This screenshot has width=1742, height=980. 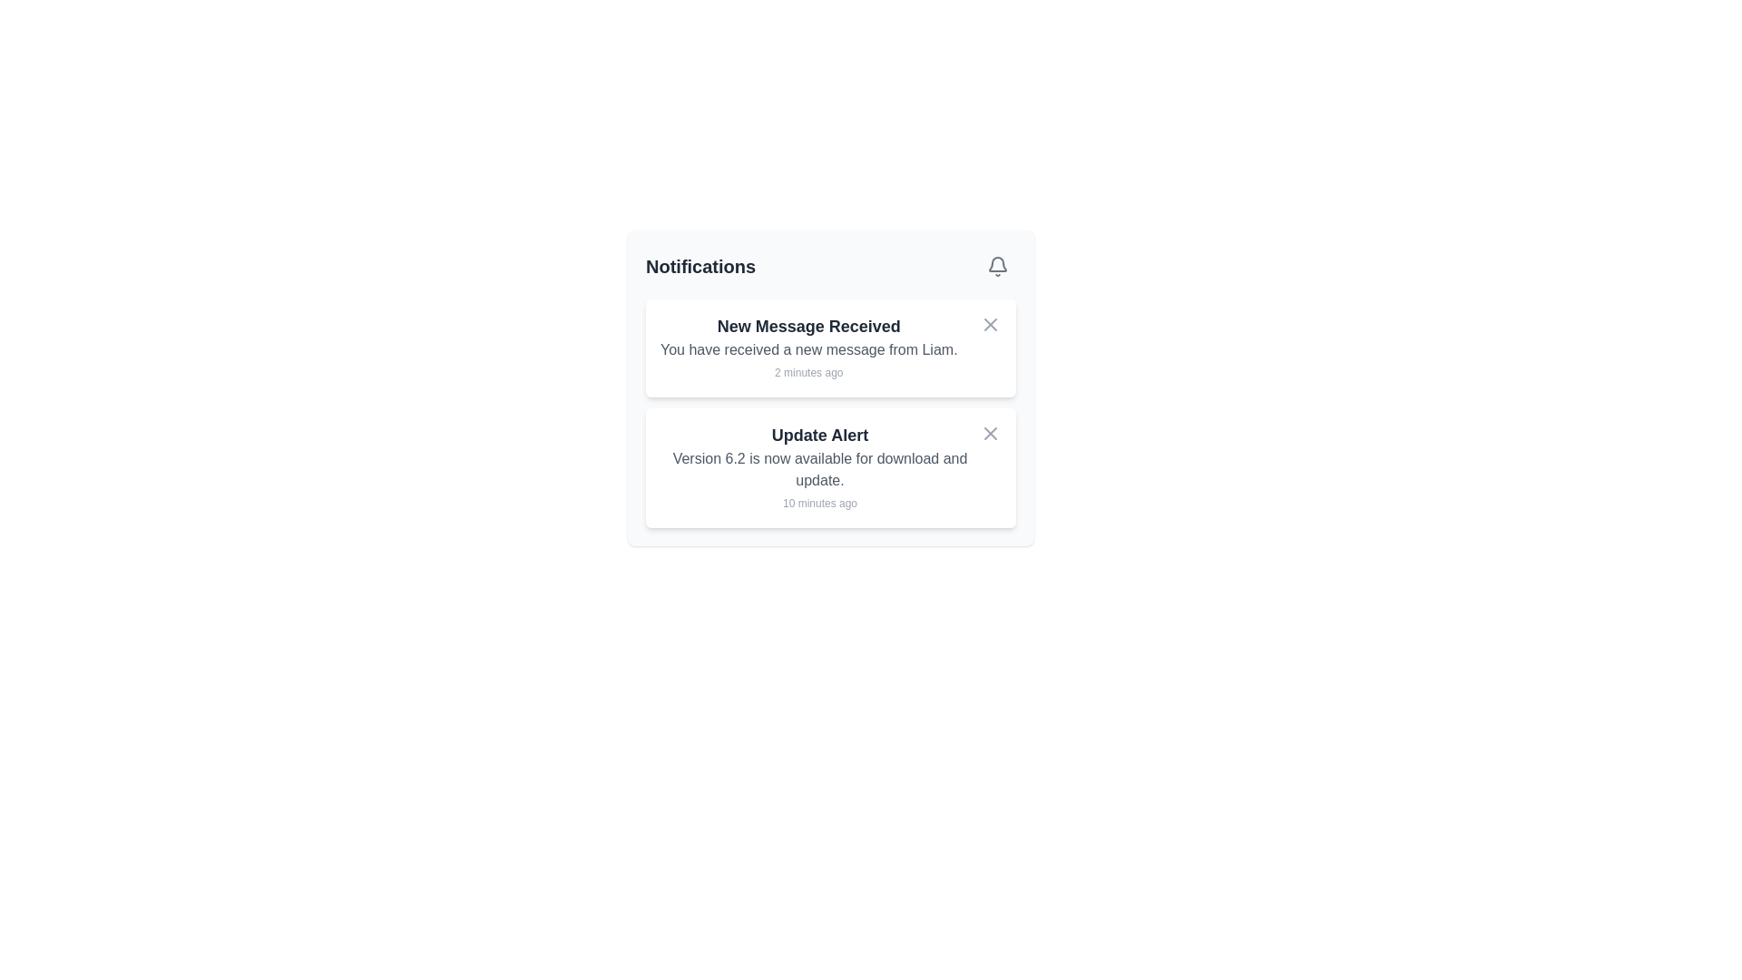 What do you see at coordinates (807, 349) in the screenshot?
I see `notification text that states 'You have received a new message from Liam.' which is styled in light gray and located beneath the title 'New Message Received'` at bounding box center [807, 349].